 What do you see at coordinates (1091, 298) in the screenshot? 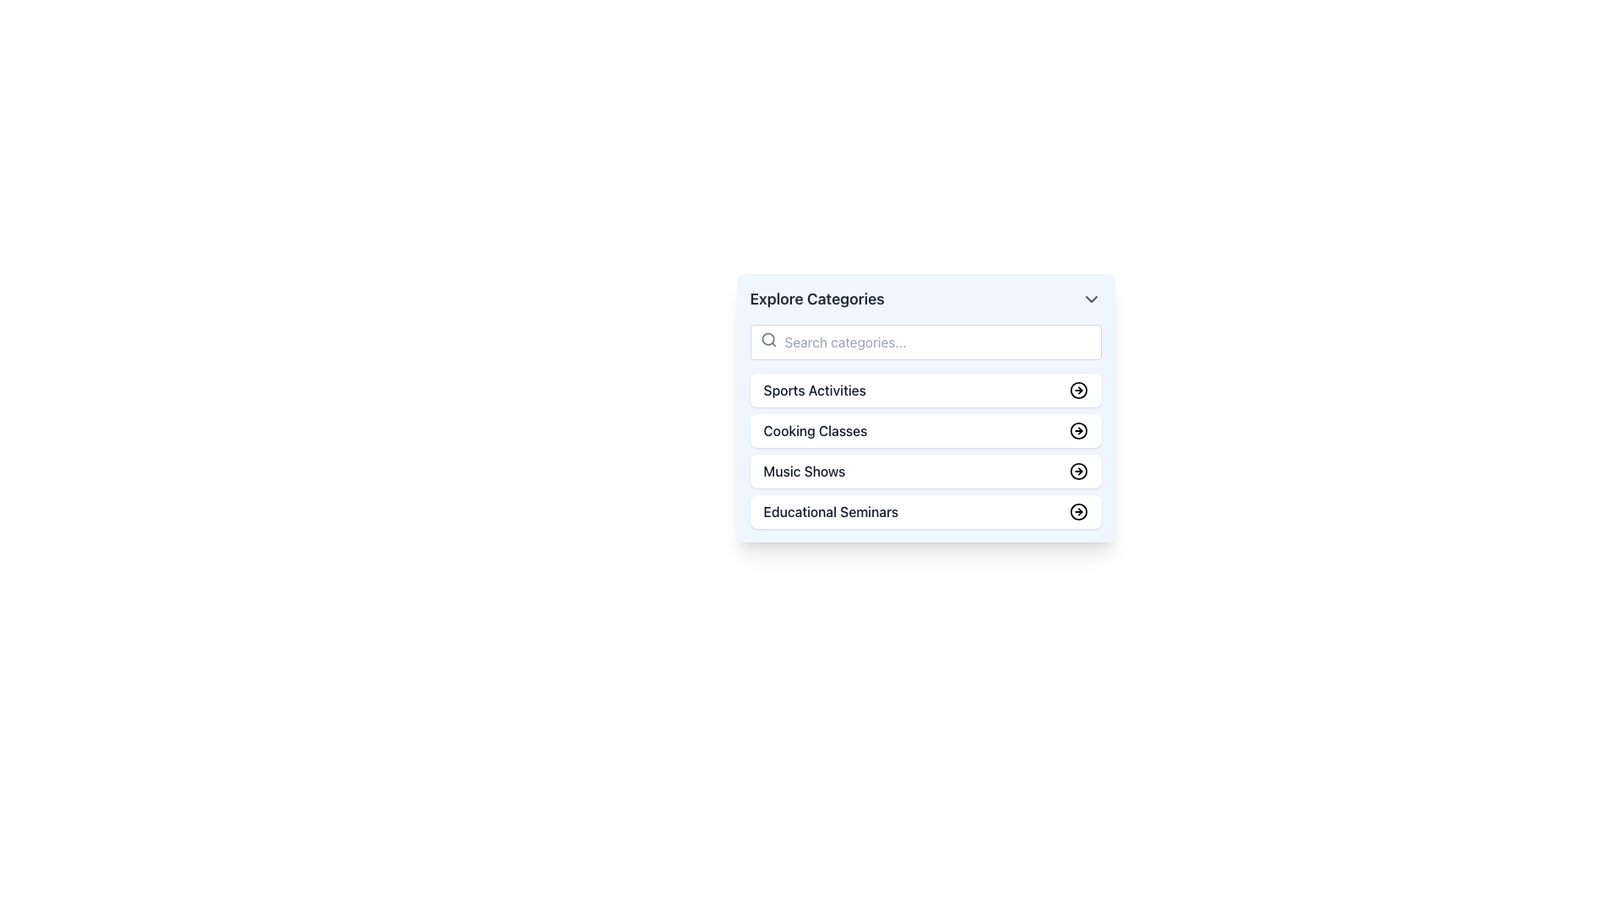
I see `the chevron-down icon in the upper right corner of the 'Explore Categories' section` at bounding box center [1091, 298].